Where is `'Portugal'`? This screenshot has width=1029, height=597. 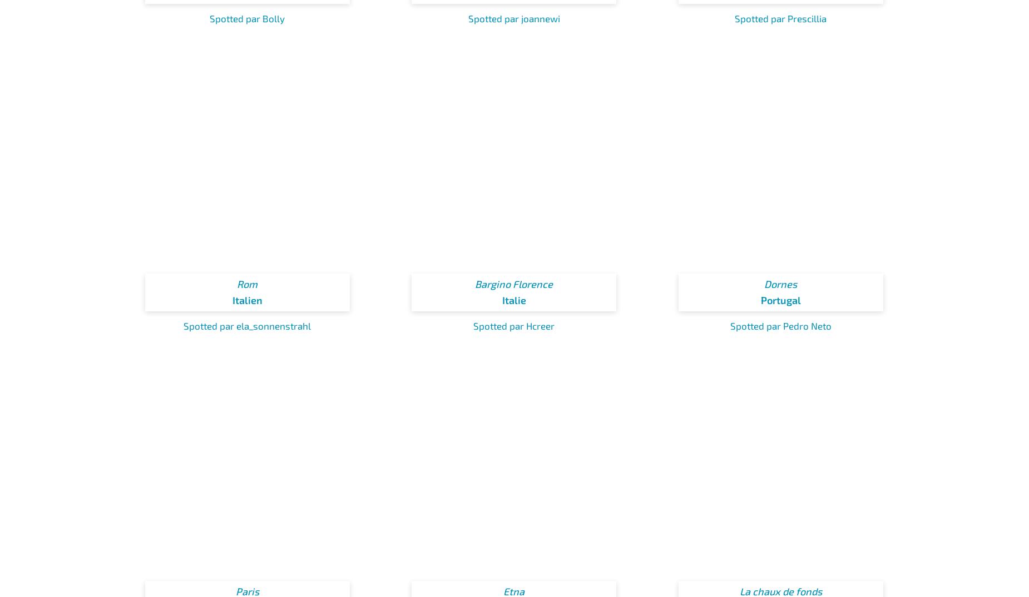 'Portugal' is located at coordinates (780, 300).